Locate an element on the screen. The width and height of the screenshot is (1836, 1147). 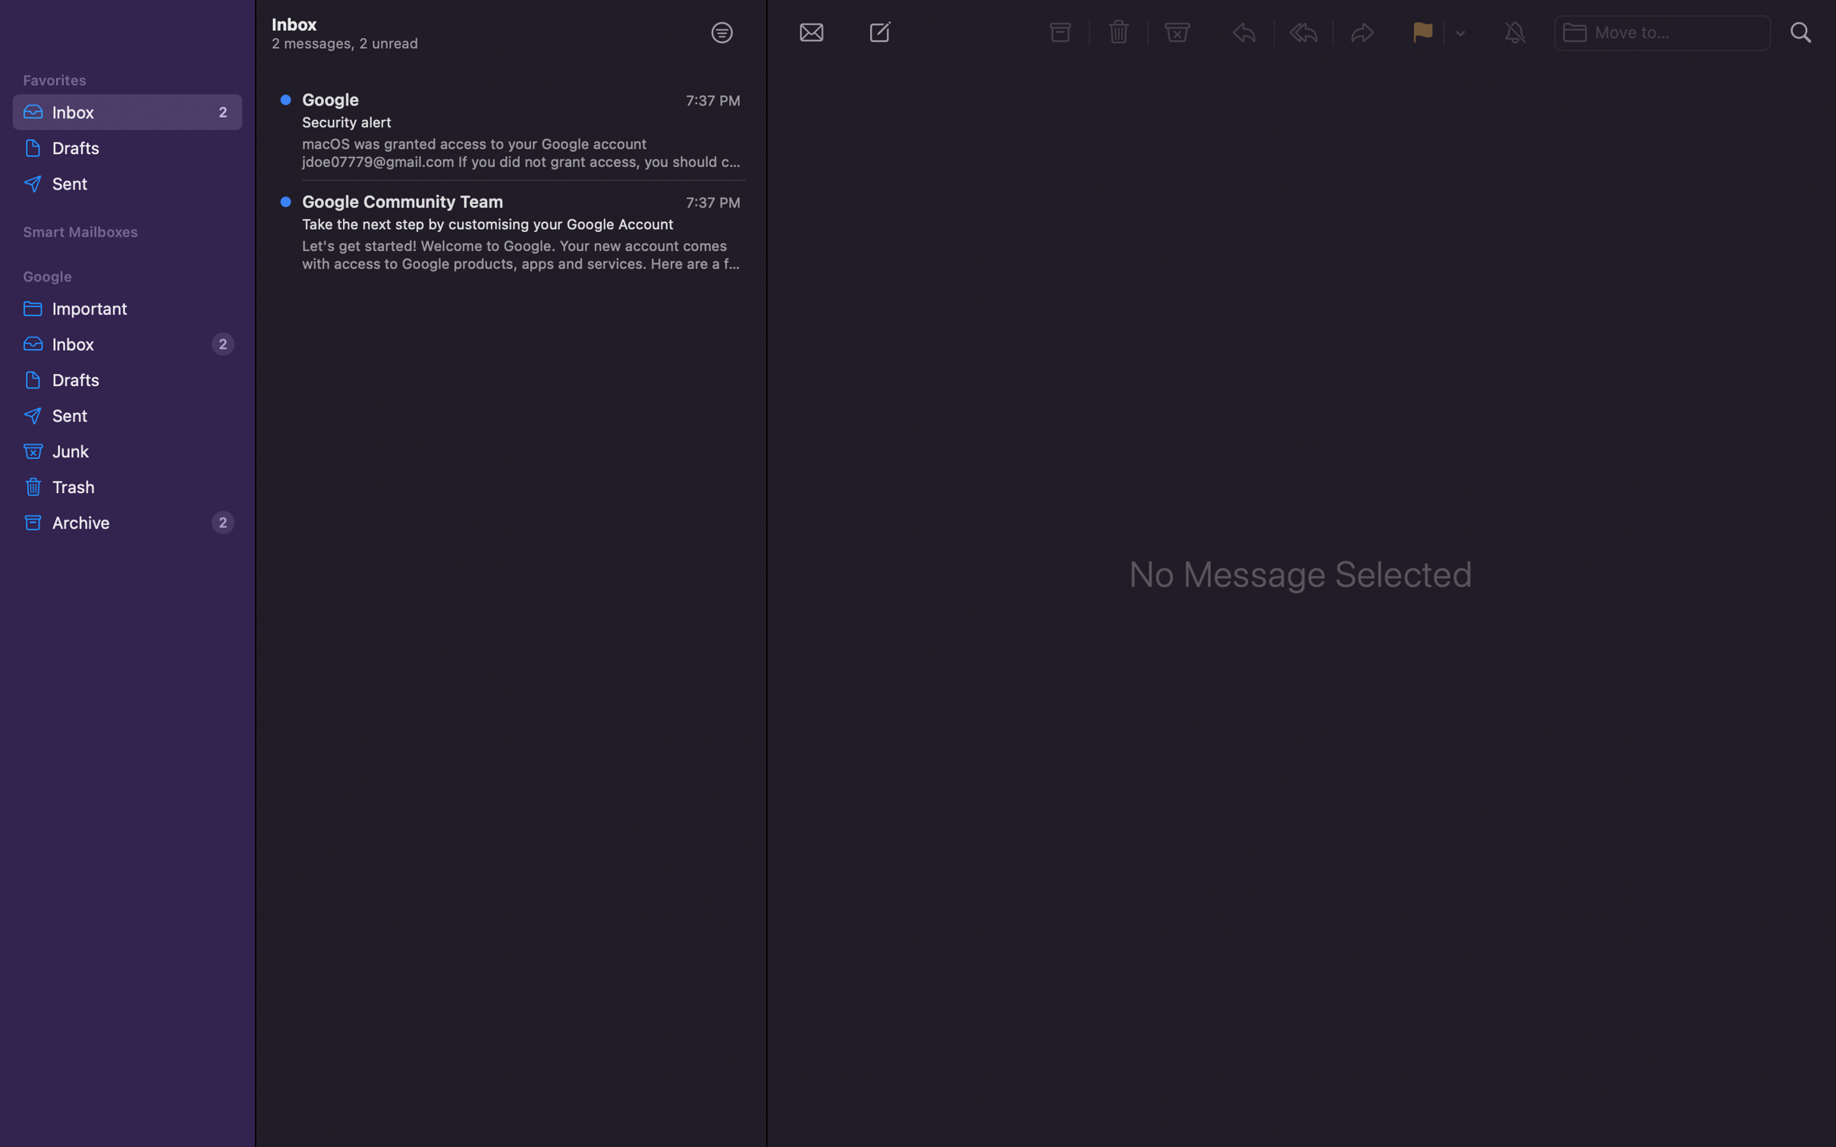
the color of the flag is located at coordinates (1459, 33).